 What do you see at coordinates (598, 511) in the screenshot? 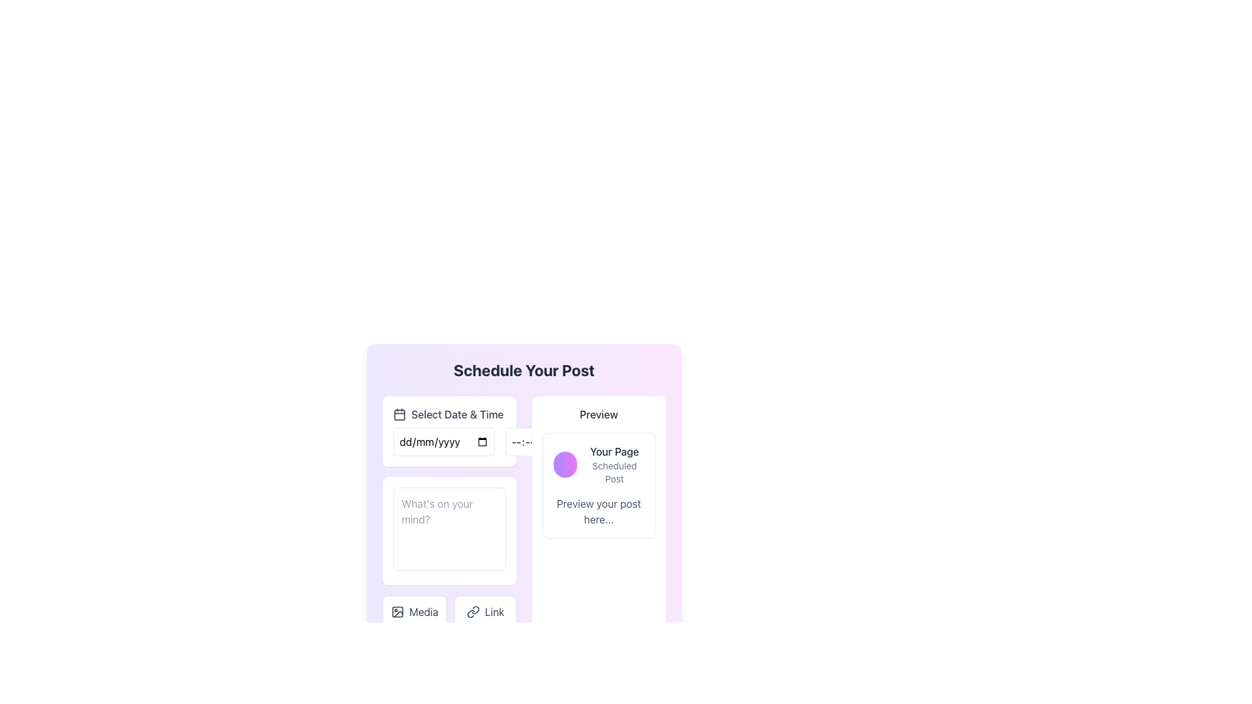
I see `the text label that reads 'Preview your post here...' located in the right panel, centered under 'Your Page' and 'Scheduled Post'` at bounding box center [598, 511].